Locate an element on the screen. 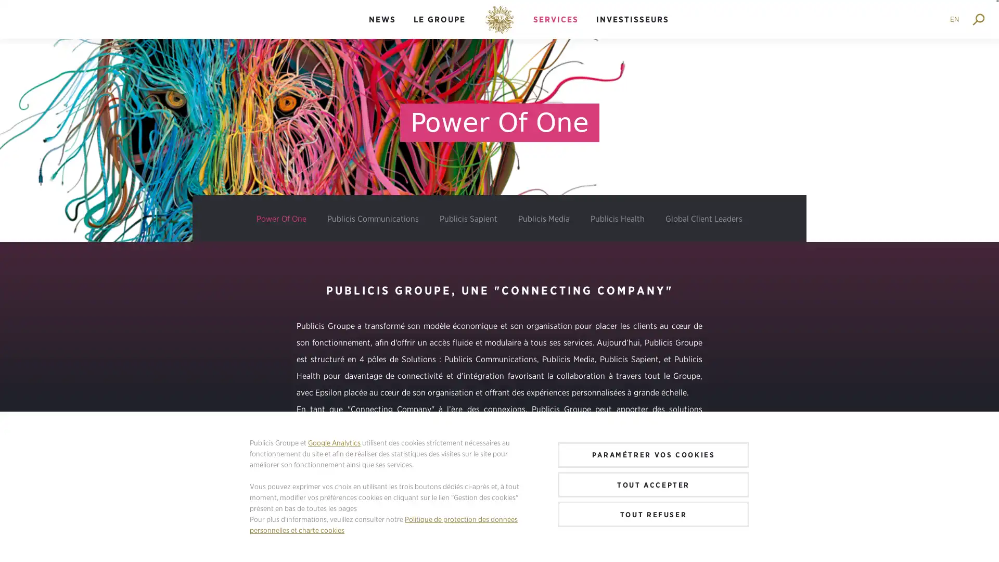 The width and height of the screenshot is (999, 562). TOUT REFUSER TOUT REFUSER is located at coordinates (653, 514).